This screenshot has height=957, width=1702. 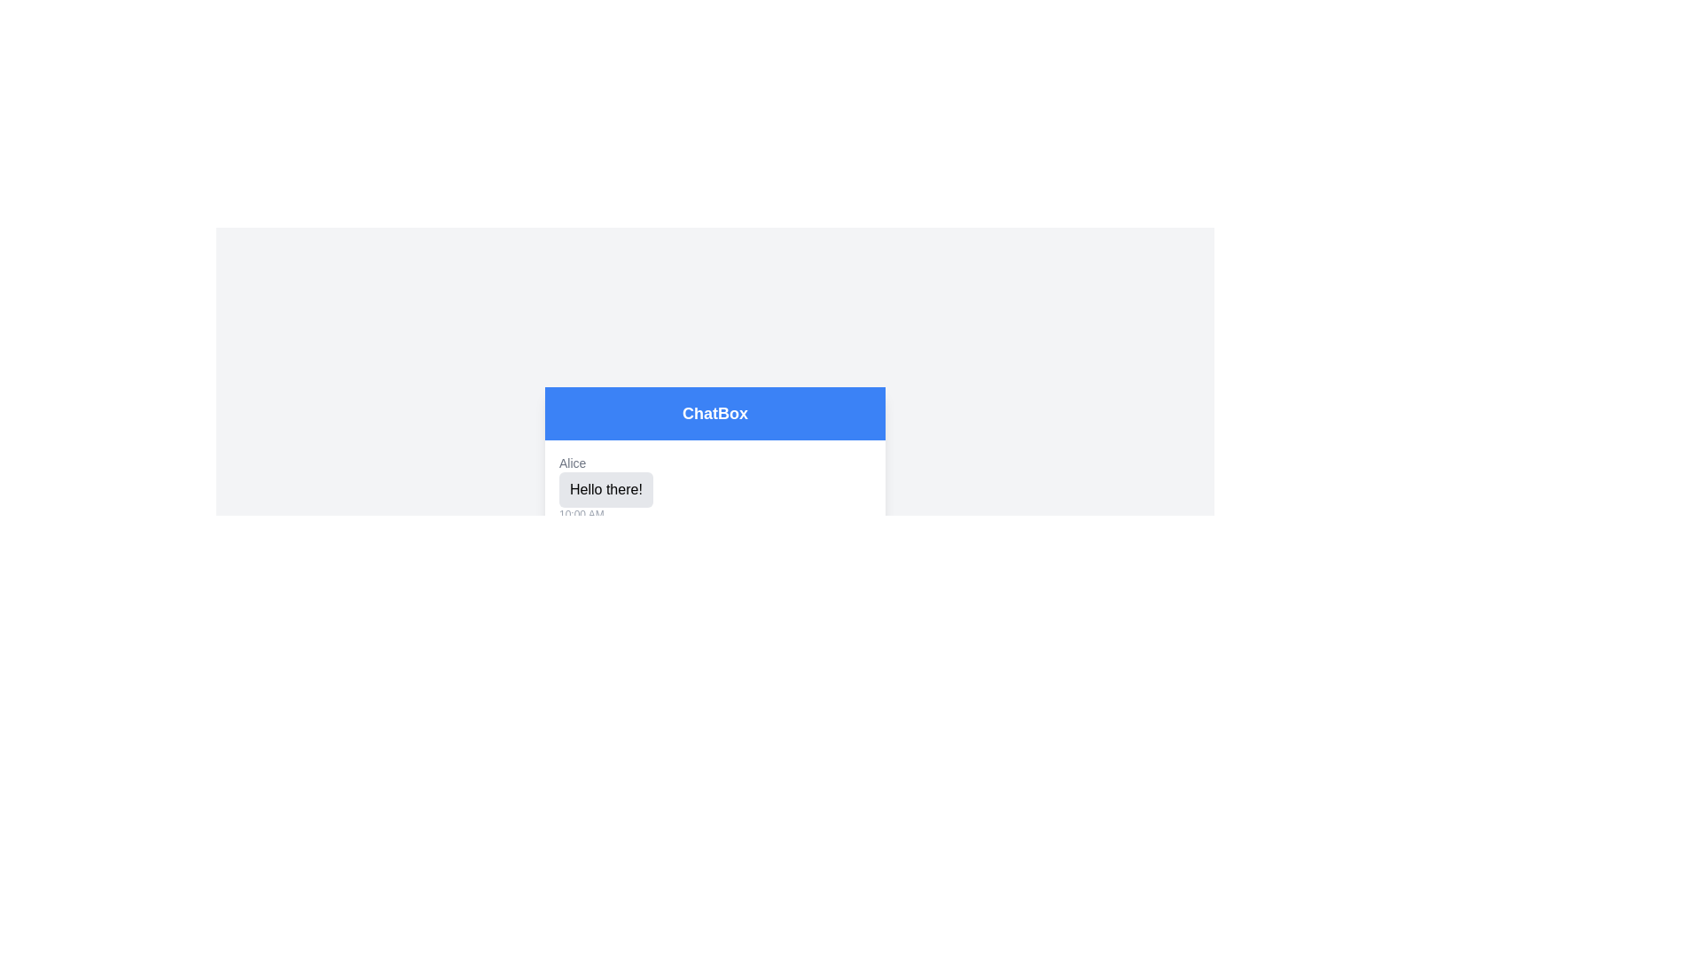 I want to click on the text display element that shows 'Hello there!' in the chatbox interface, which has a light gray background and rounded corners, so click(x=605, y=489).